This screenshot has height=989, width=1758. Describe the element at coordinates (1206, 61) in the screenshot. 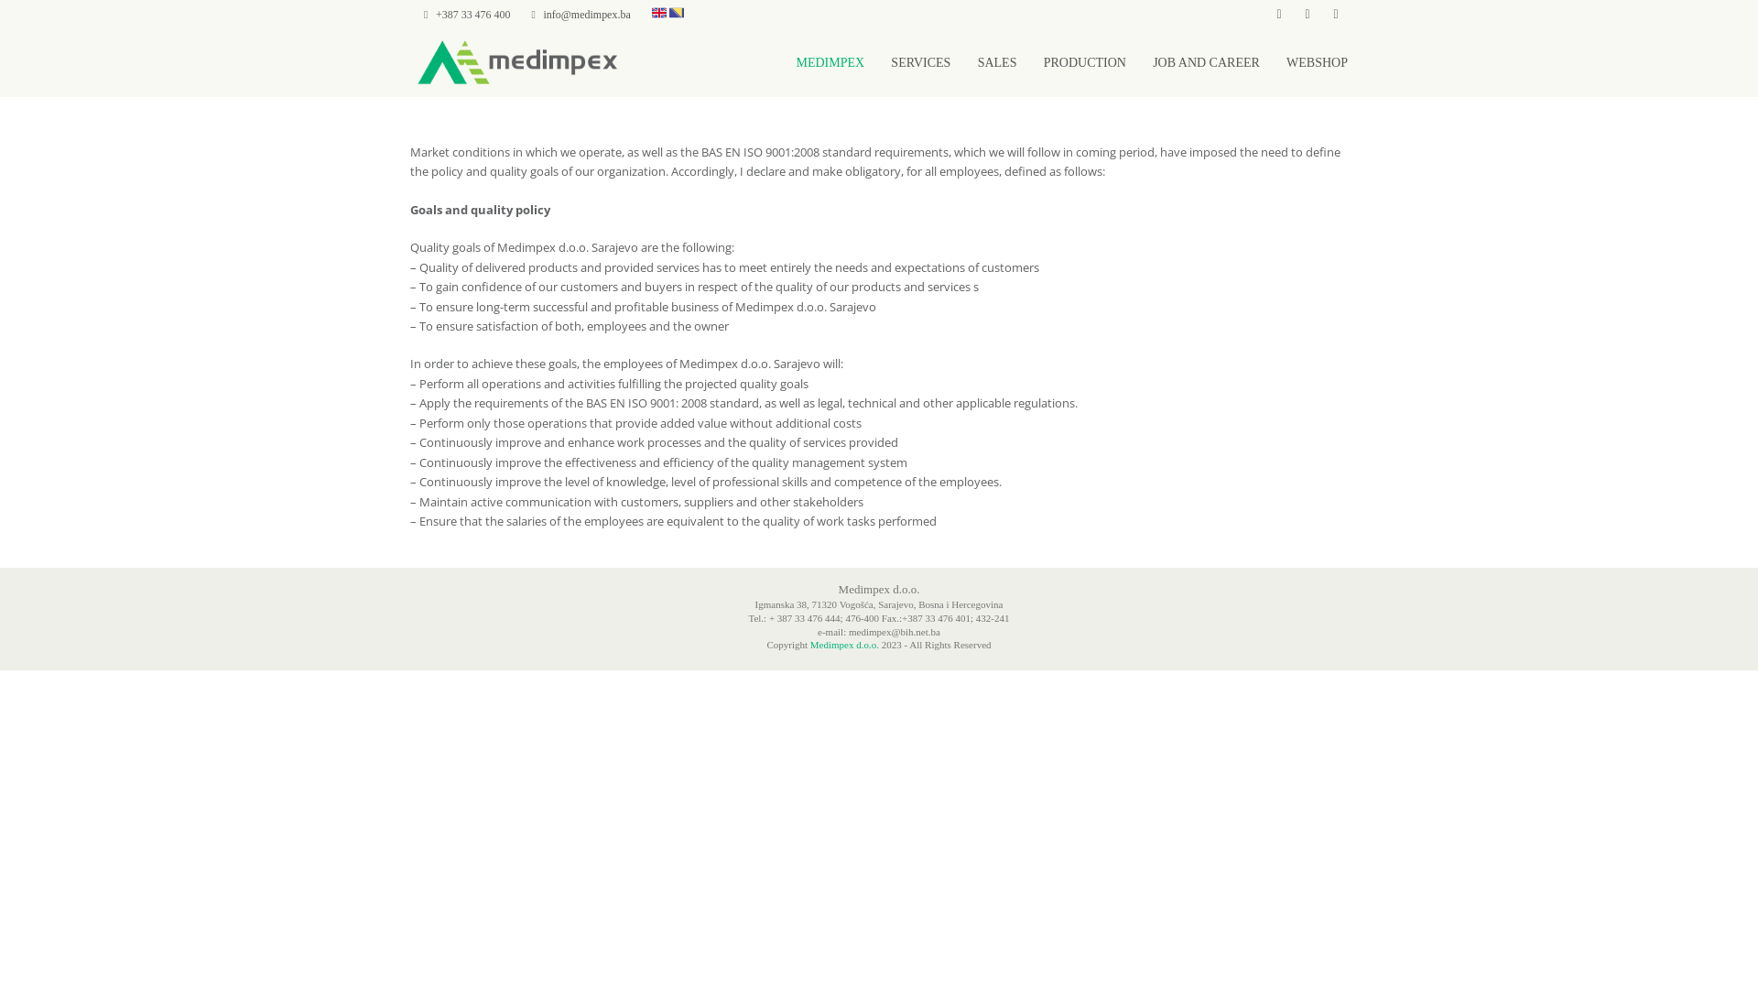

I see `'JOB AND CAREER'` at that location.